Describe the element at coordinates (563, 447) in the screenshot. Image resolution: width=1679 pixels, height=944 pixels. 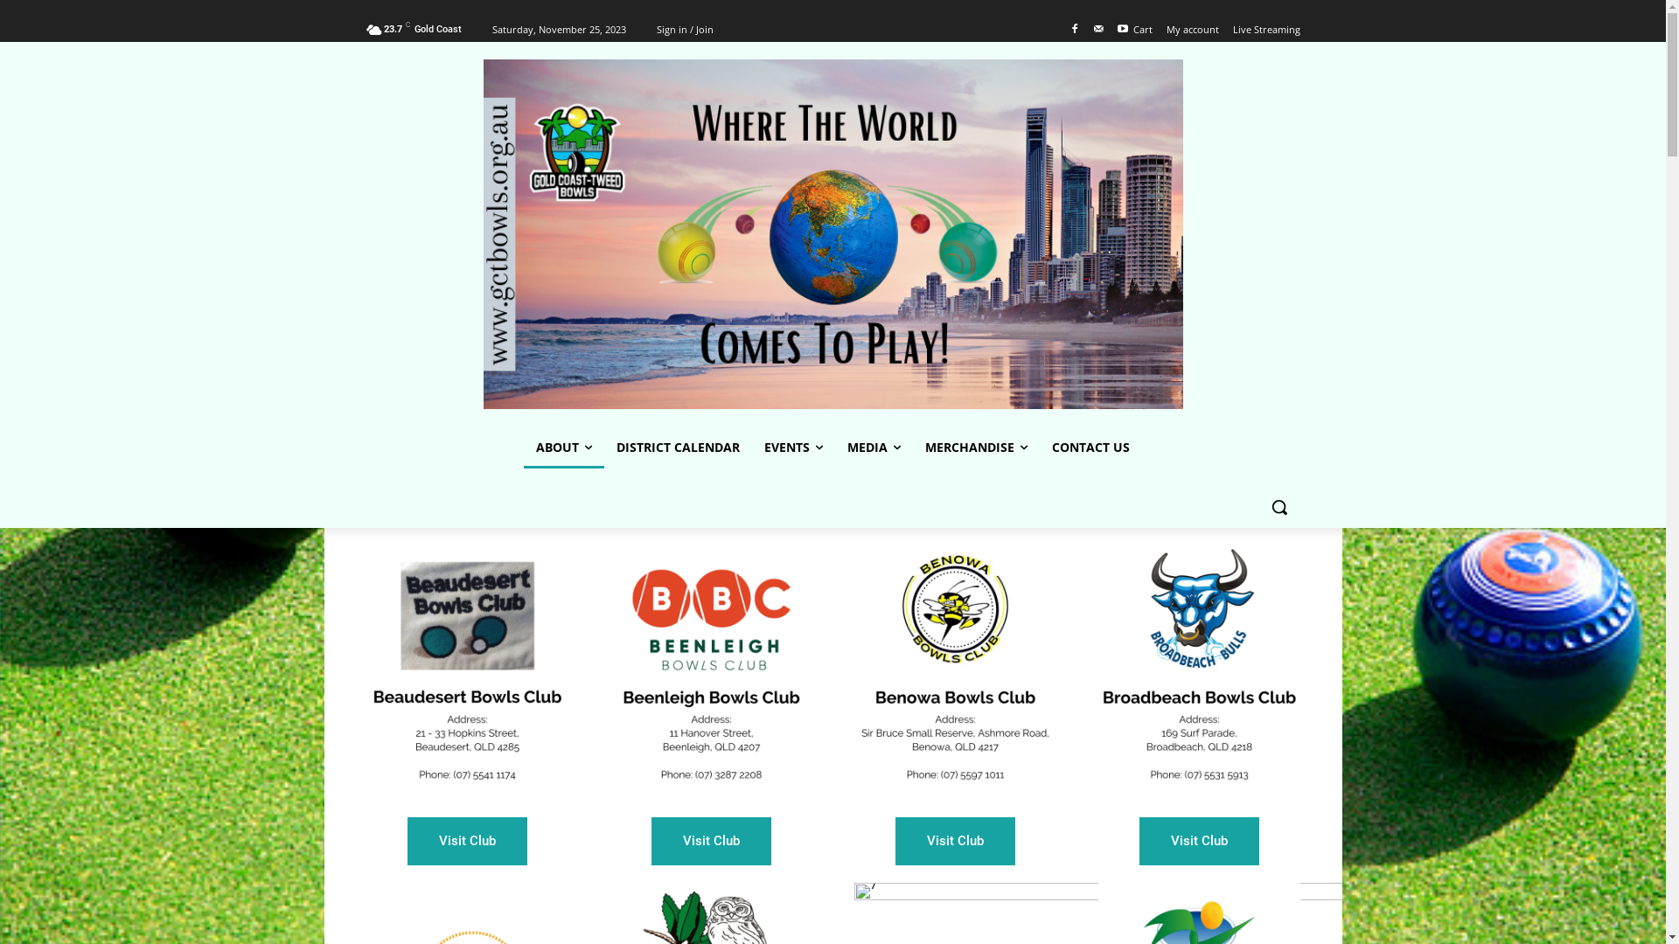
I see `'ABOUT'` at that location.